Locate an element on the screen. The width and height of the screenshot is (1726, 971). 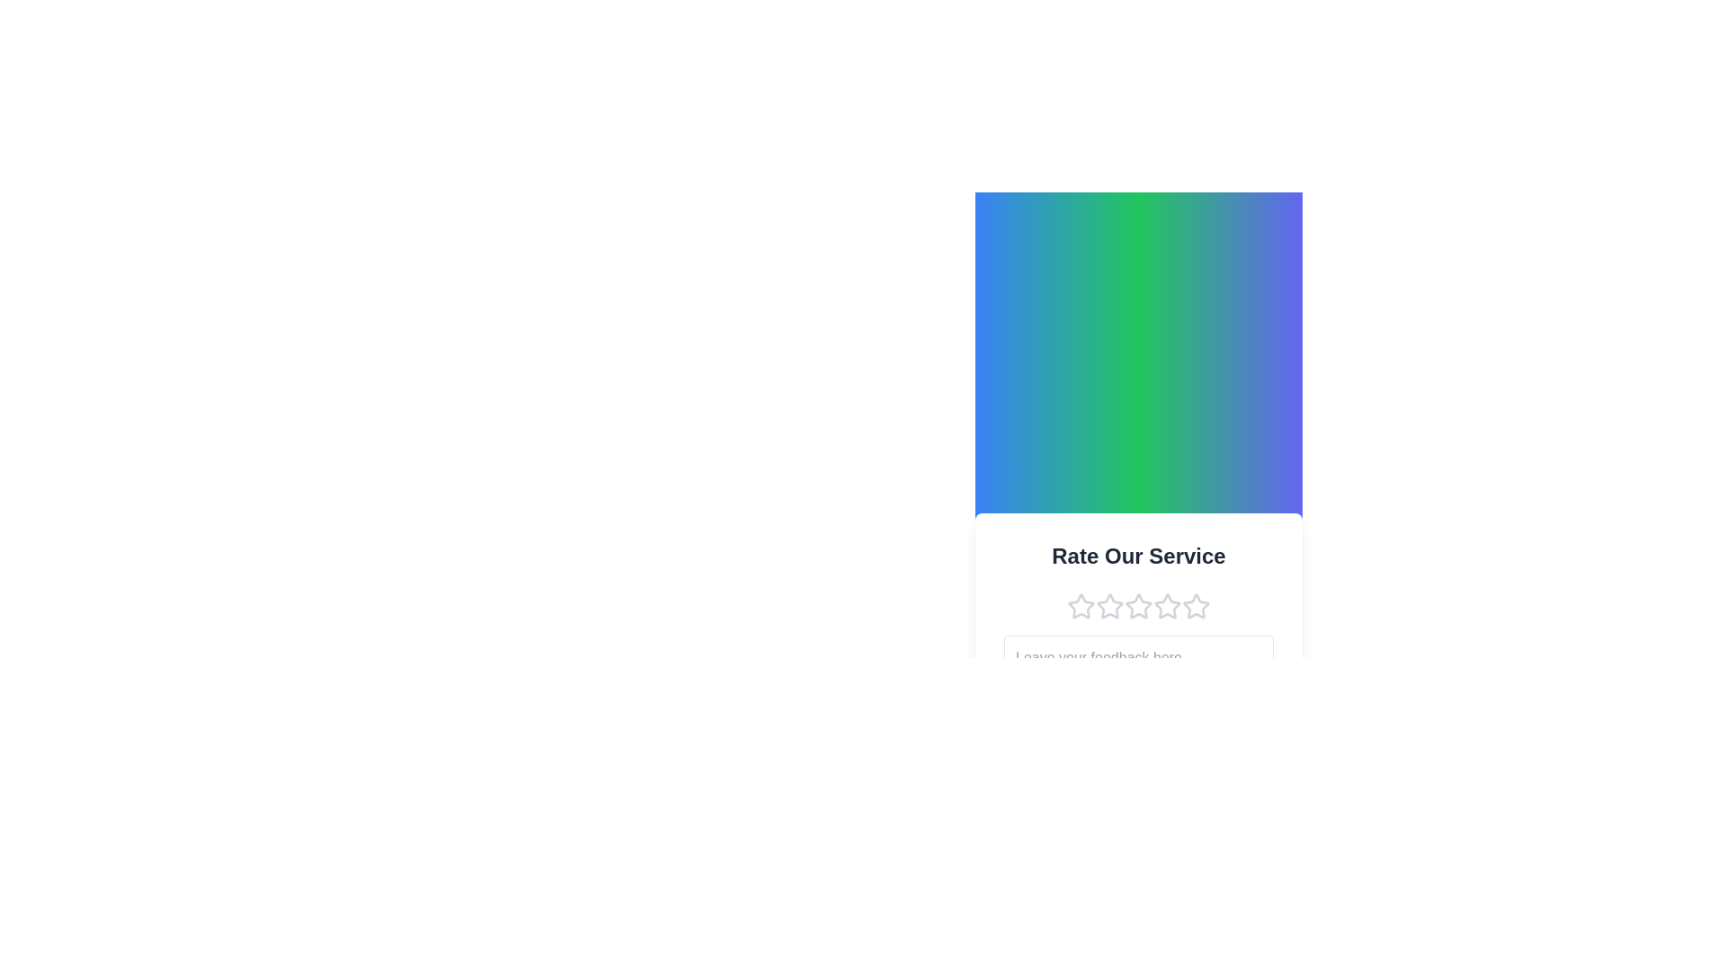
the third star icon in the rating control to provide a 3-star rating is located at coordinates (1138, 606).